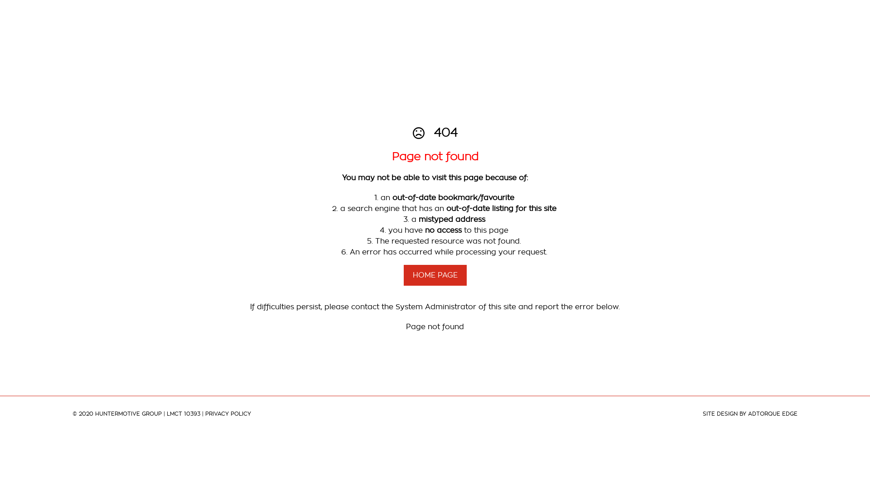 The image size is (870, 489). I want to click on 'SITE DESIGN BY ADTORQUE EDGE', so click(750, 414).